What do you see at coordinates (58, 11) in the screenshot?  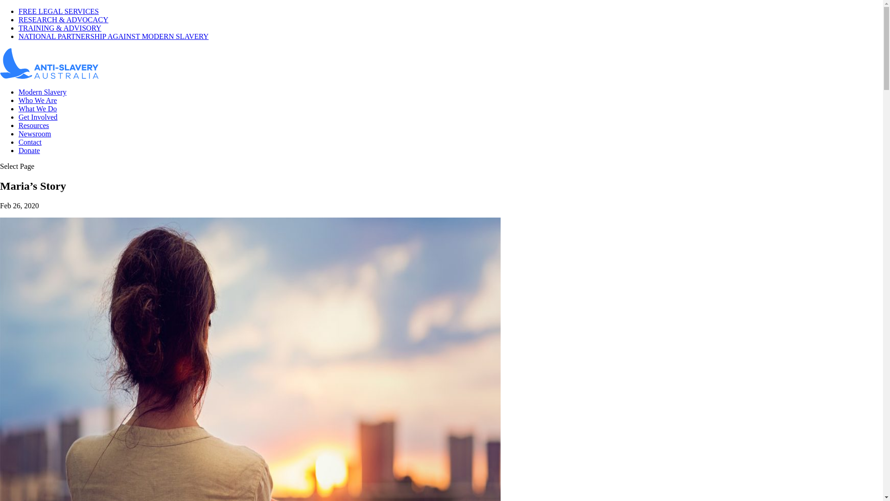 I see `'FREE LEGAL SERVICES'` at bounding box center [58, 11].